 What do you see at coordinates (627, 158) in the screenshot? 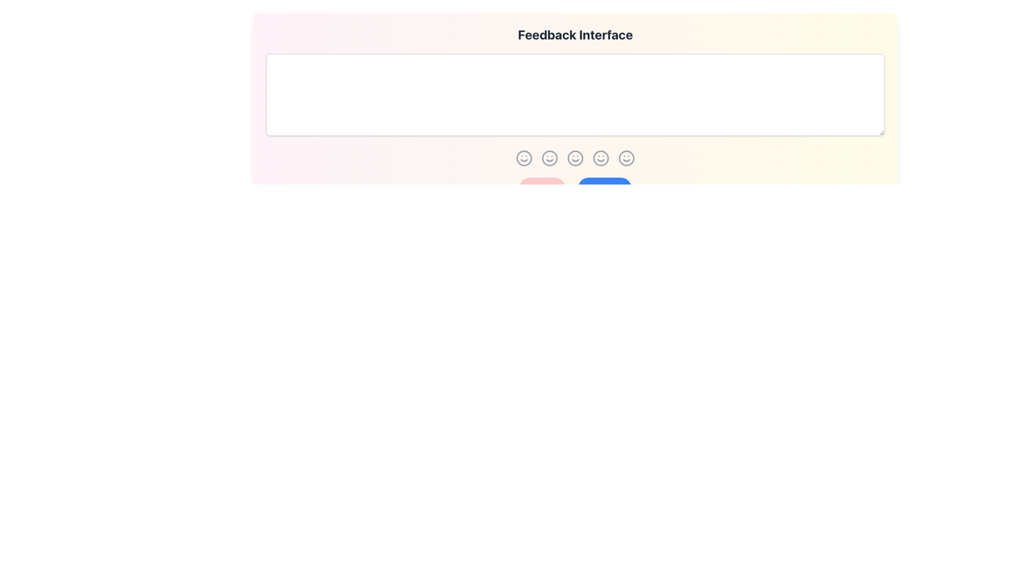
I see `the fifth feedback emoji, which is a circular shape located at the bottom-central part of the feedback interface` at bounding box center [627, 158].